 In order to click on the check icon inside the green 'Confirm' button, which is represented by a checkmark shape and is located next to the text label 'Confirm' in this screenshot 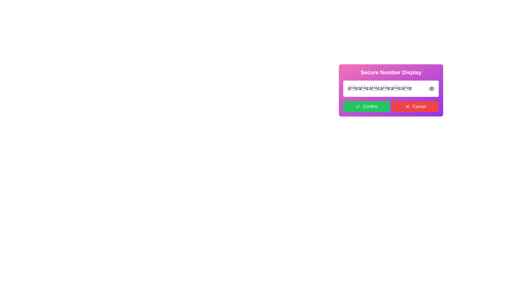, I will do `click(358, 106)`.